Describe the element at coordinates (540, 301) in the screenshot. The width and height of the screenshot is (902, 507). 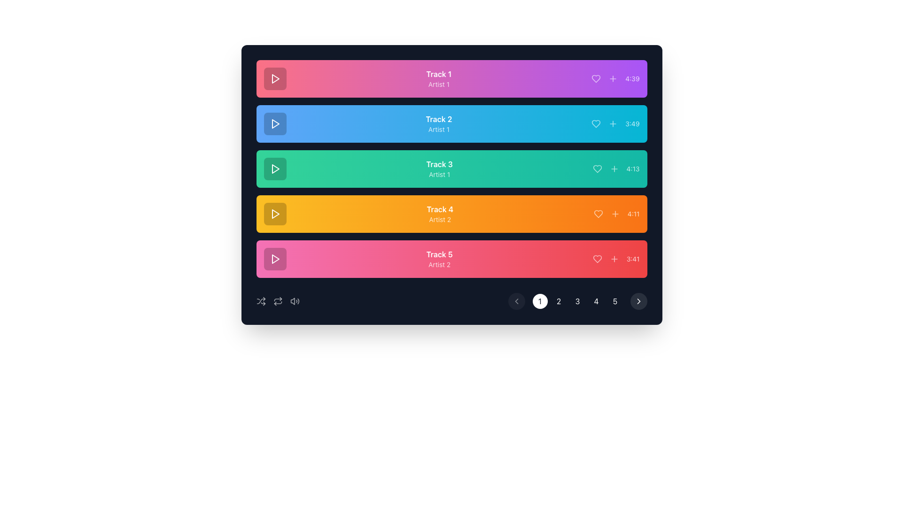
I see `the first button in a sequence of five navigational buttons located at the bottom of the interface` at that location.